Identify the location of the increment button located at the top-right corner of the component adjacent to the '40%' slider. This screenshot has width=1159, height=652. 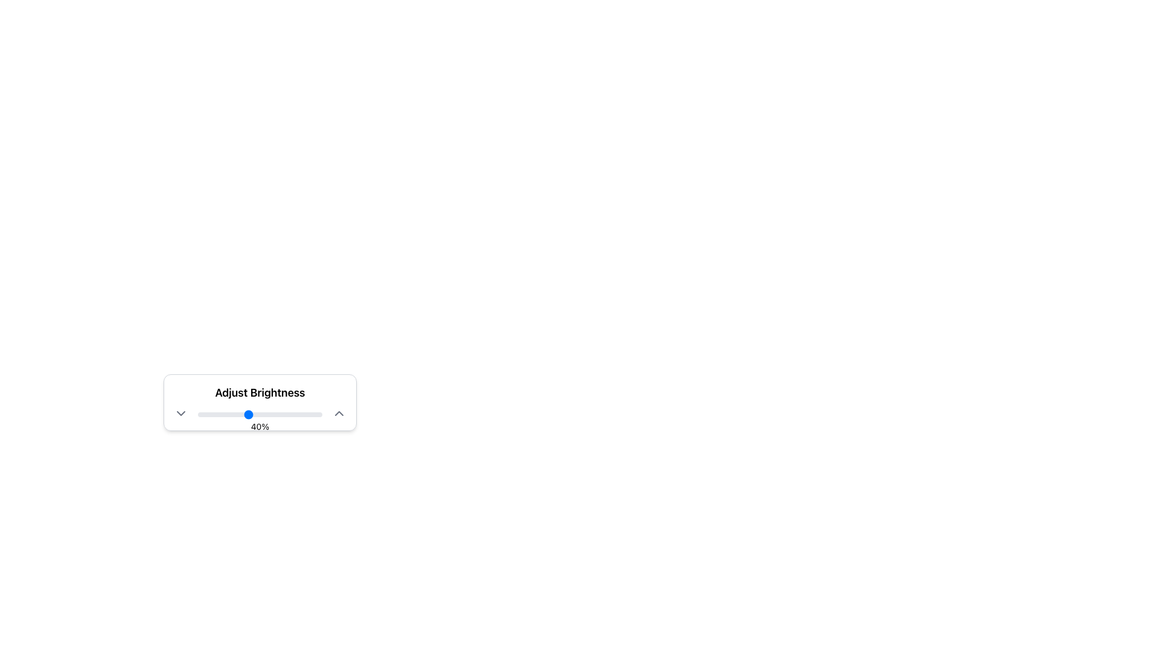
(338, 413).